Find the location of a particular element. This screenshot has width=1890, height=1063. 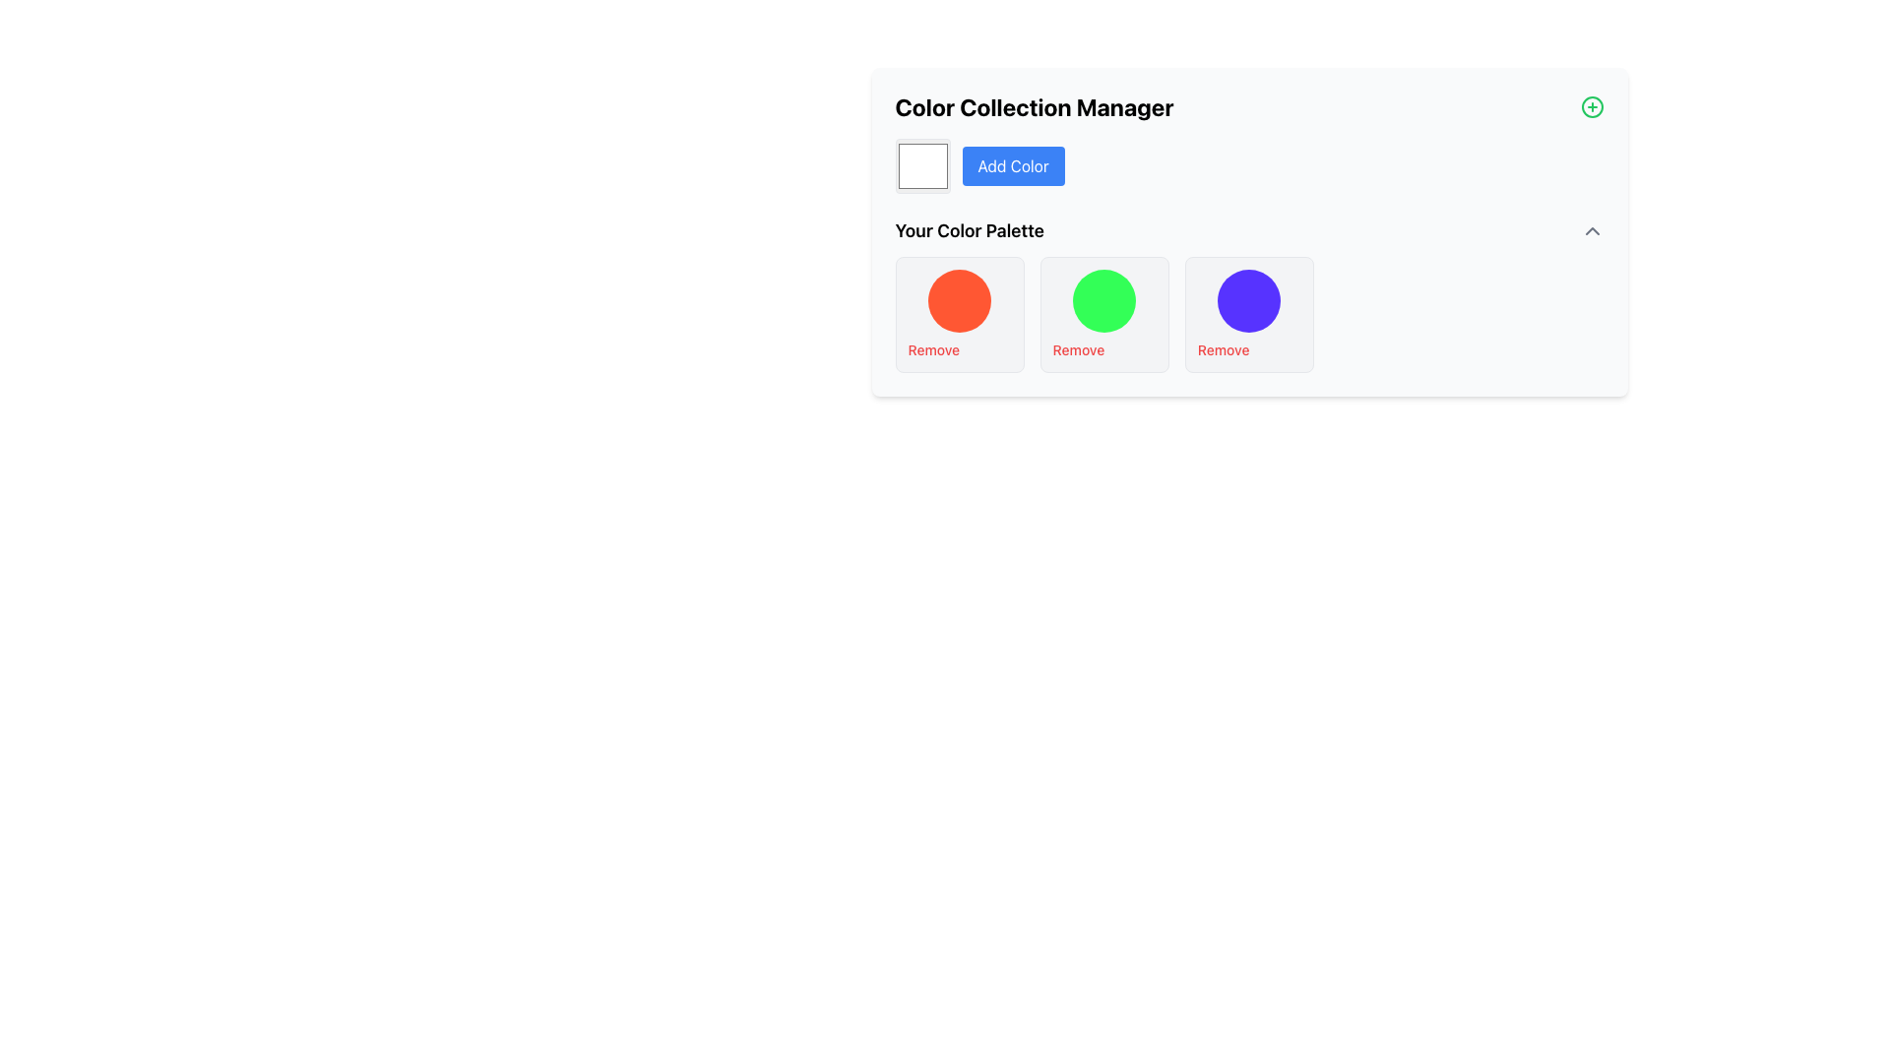

the interactive button located to the far right of the title 'Your Color Palette' is located at coordinates (1592, 230).